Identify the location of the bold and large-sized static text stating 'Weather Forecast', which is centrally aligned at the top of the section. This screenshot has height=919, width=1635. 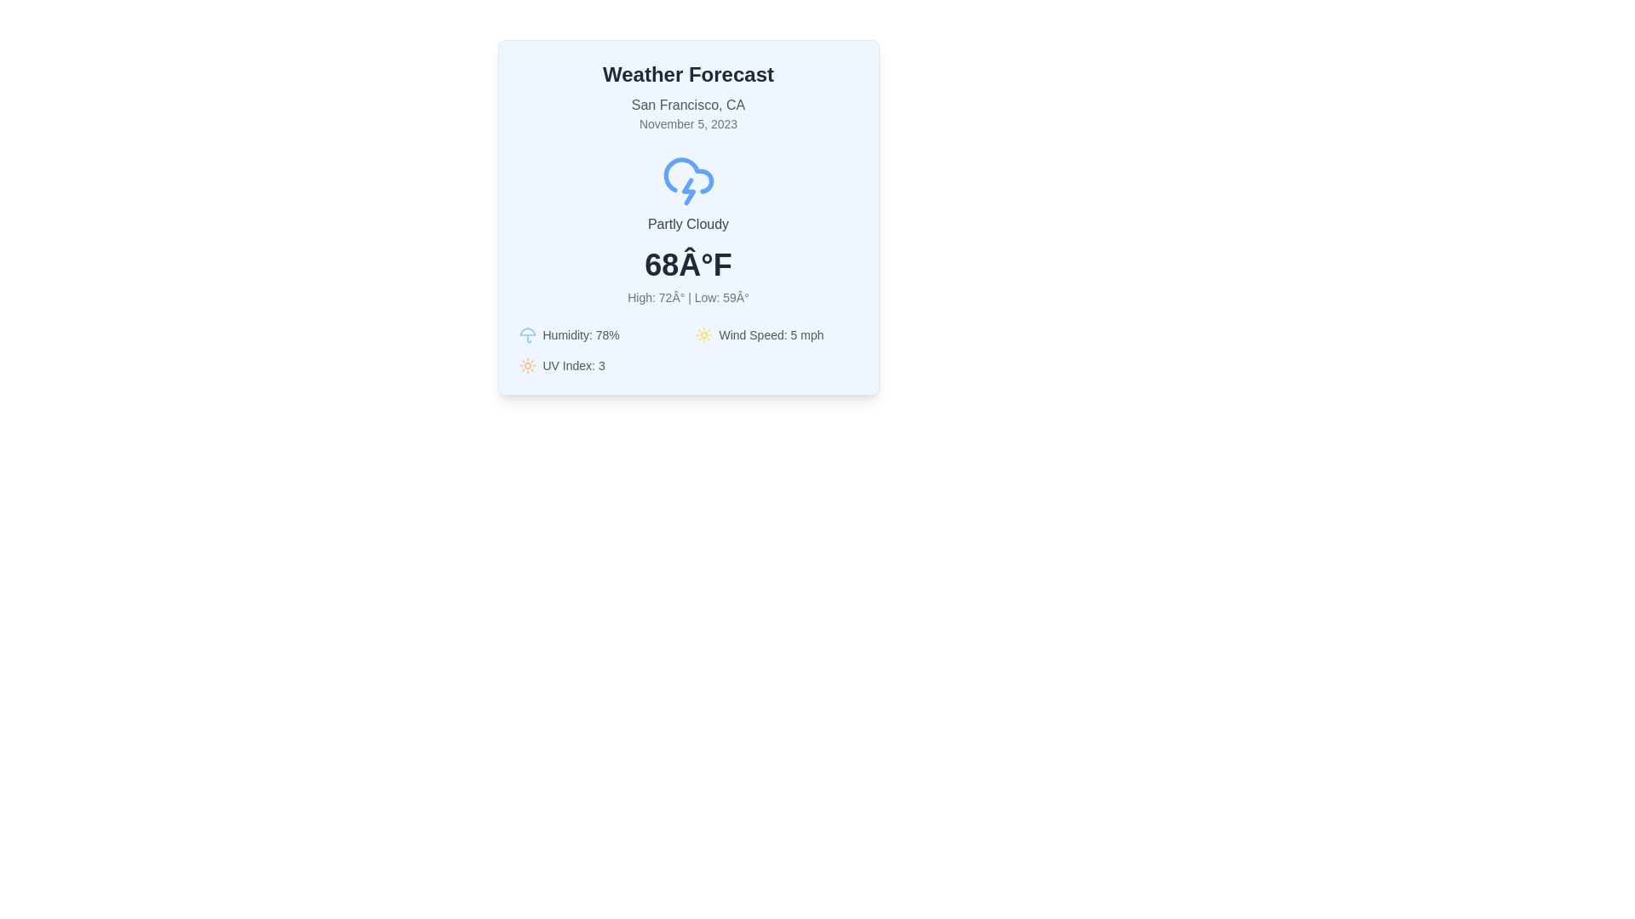
(688, 74).